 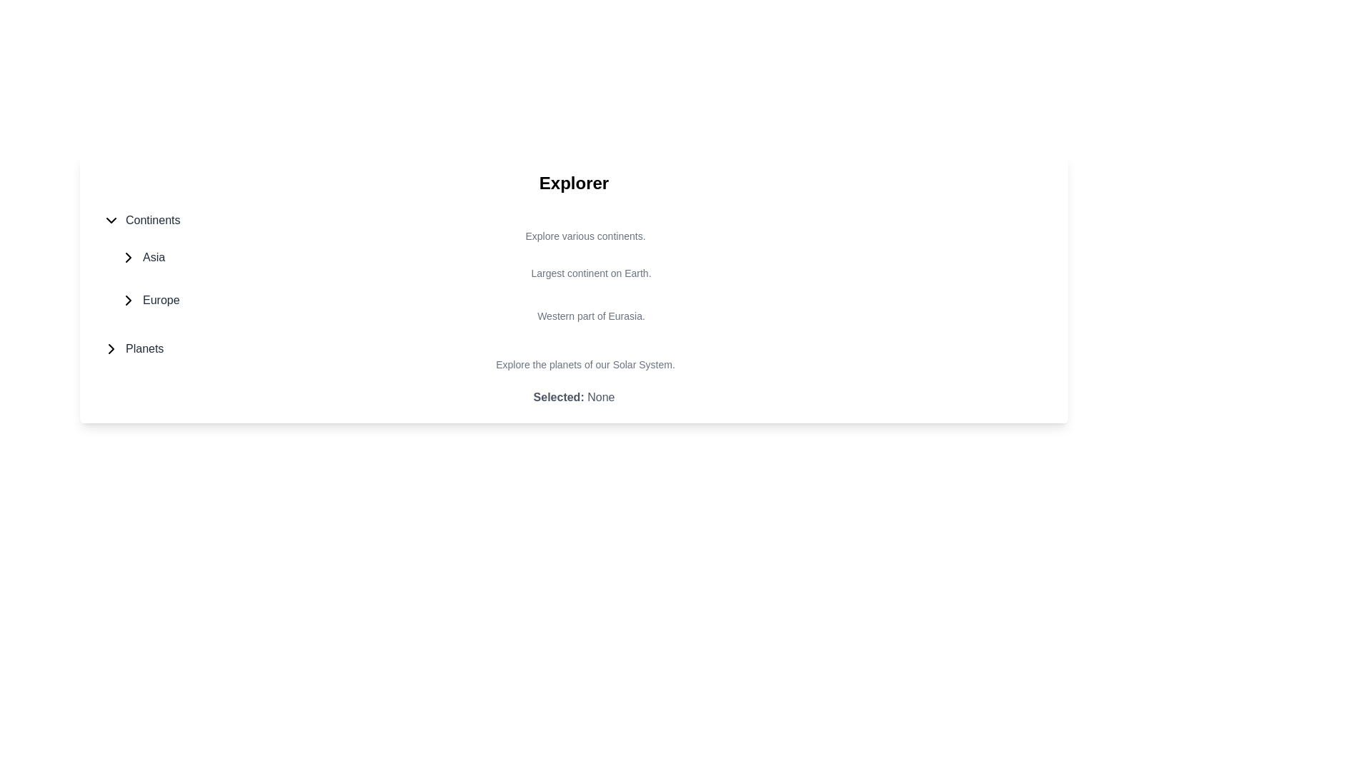 I want to click on the interactive button for expanding or collapsing the nested menu related to 'Europe', so click(x=129, y=299).